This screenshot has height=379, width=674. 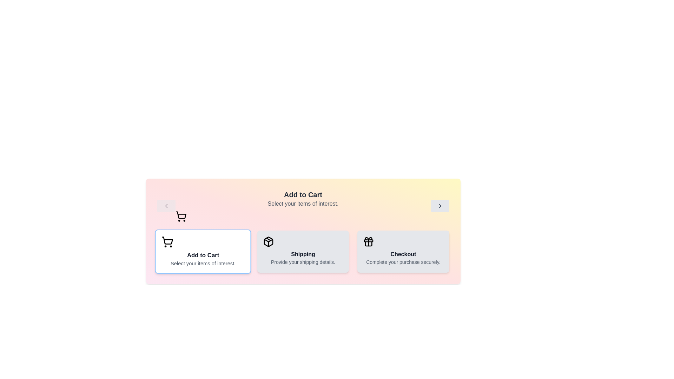 I want to click on the navigational icon located in the top-right area of the interface, so click(x=440, y=205).